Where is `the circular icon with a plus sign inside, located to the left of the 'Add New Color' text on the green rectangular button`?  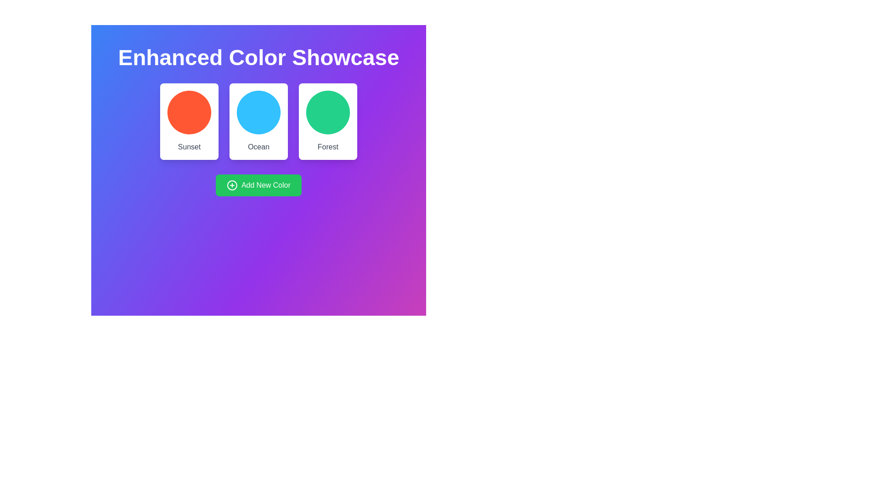
the circular icon with a plus sign inside, located to the left of the 'Add New Color' text on the green rectangular button is located at coordinates (232, 185).